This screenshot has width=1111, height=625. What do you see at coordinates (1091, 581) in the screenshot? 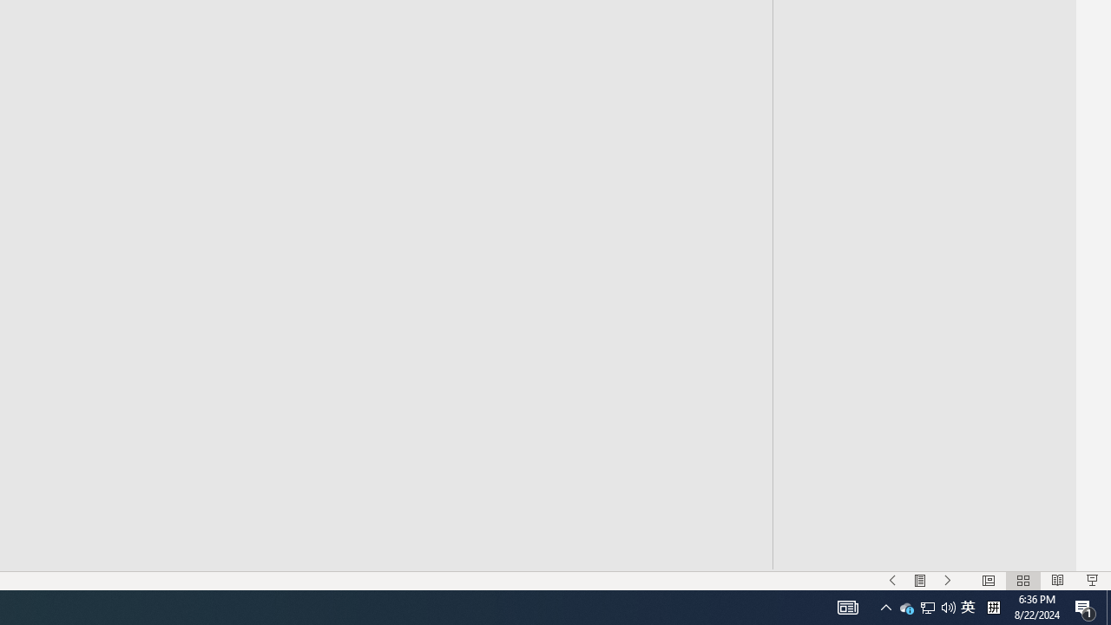
I see `'Slide Show'` at bounding box center [1091, 581].